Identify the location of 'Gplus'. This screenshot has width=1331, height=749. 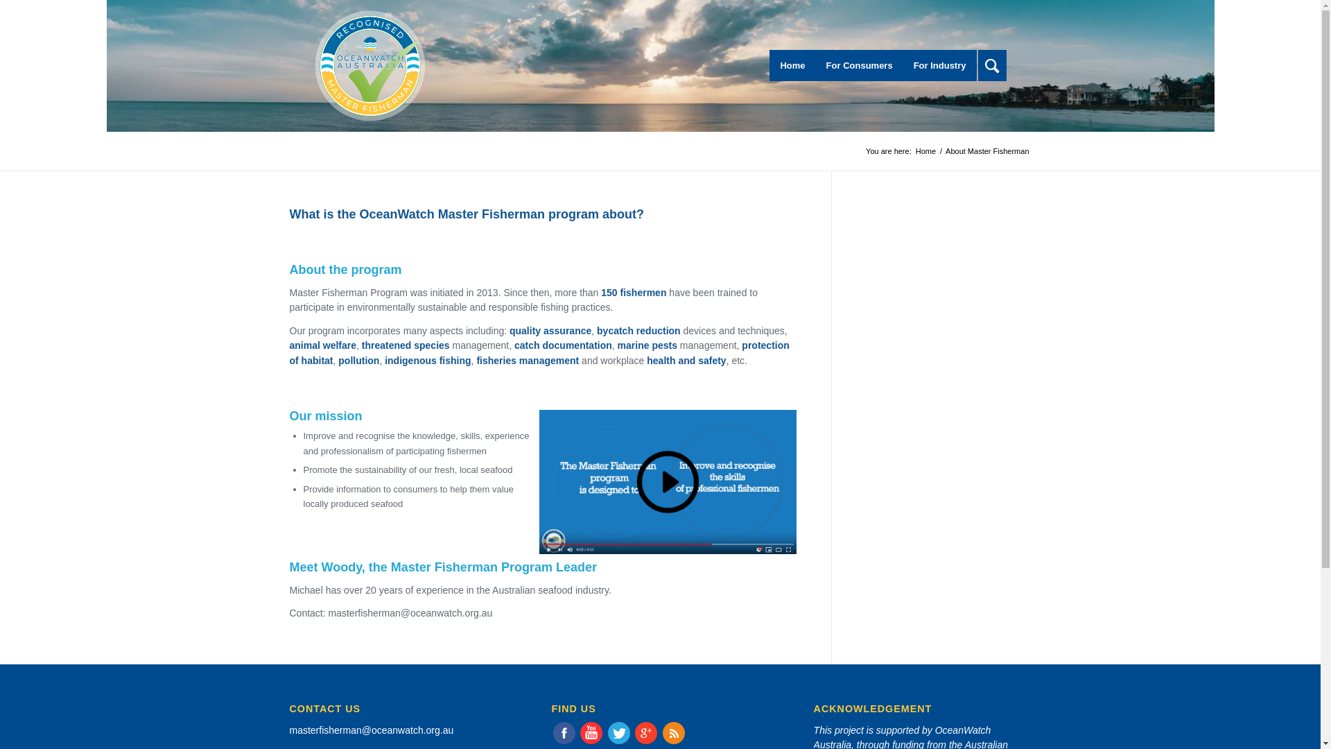
(645, 741).